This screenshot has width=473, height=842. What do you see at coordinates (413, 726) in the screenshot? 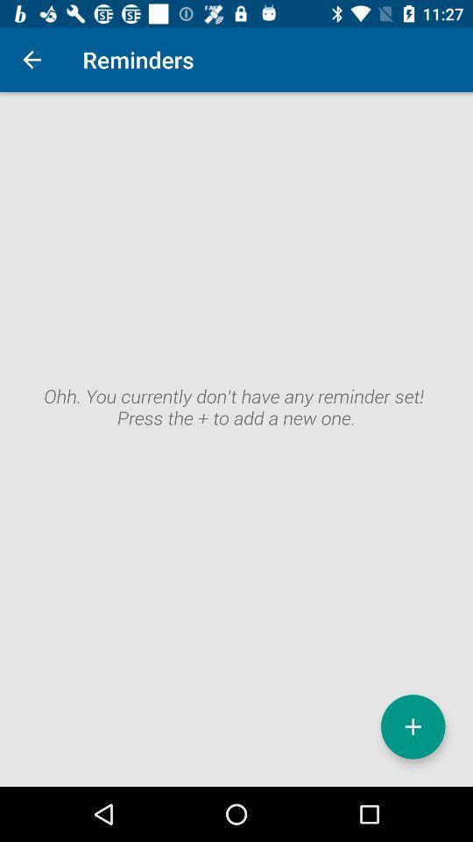
I see `icon at the bottom right corner` at bounding box center [413, 726].